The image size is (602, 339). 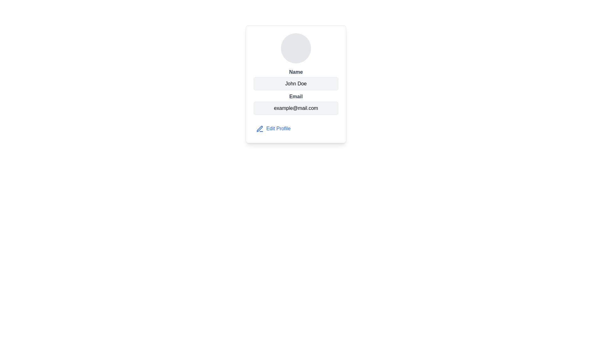 What do you see at coordinates (296, 104) in the screenshot?
I see `the Text Display Block that shows the user's email address, positioned below the name section and above the 'Edit Profile' link in the user card` at bounding box center [296, 104].